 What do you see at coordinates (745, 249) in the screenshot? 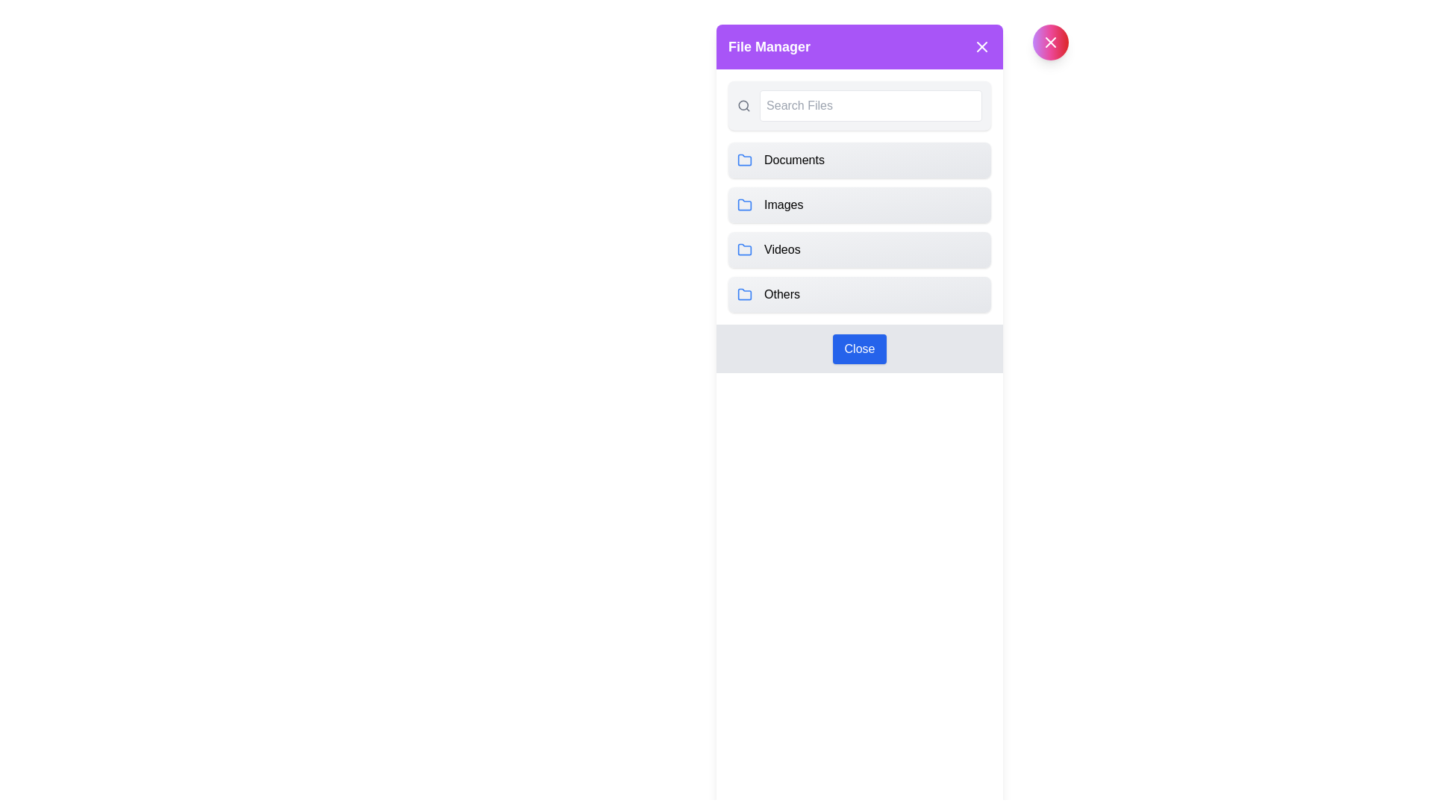
I see `the folder icon located within the 'Videos' card, which is visually represented as a blue outlined folder icon` at bounding box center [745, 249].